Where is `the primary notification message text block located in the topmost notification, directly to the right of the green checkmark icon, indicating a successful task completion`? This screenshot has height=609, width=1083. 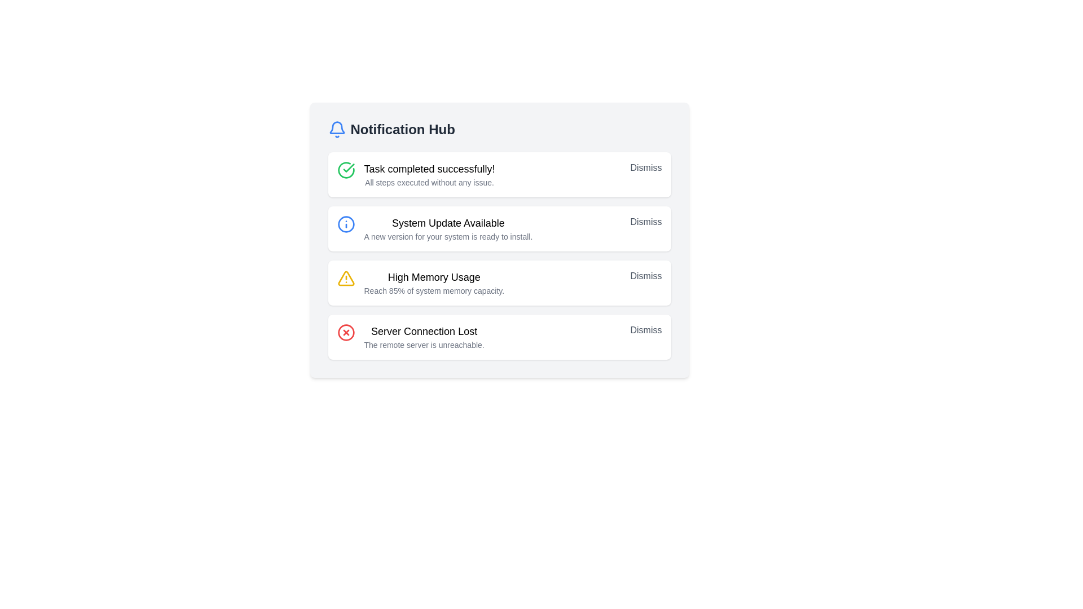 the primary notification message text block located in the topmost notification, directly to the right of the green checkmark icon, indicating a successful task completion is located at coordinates (429, 174).